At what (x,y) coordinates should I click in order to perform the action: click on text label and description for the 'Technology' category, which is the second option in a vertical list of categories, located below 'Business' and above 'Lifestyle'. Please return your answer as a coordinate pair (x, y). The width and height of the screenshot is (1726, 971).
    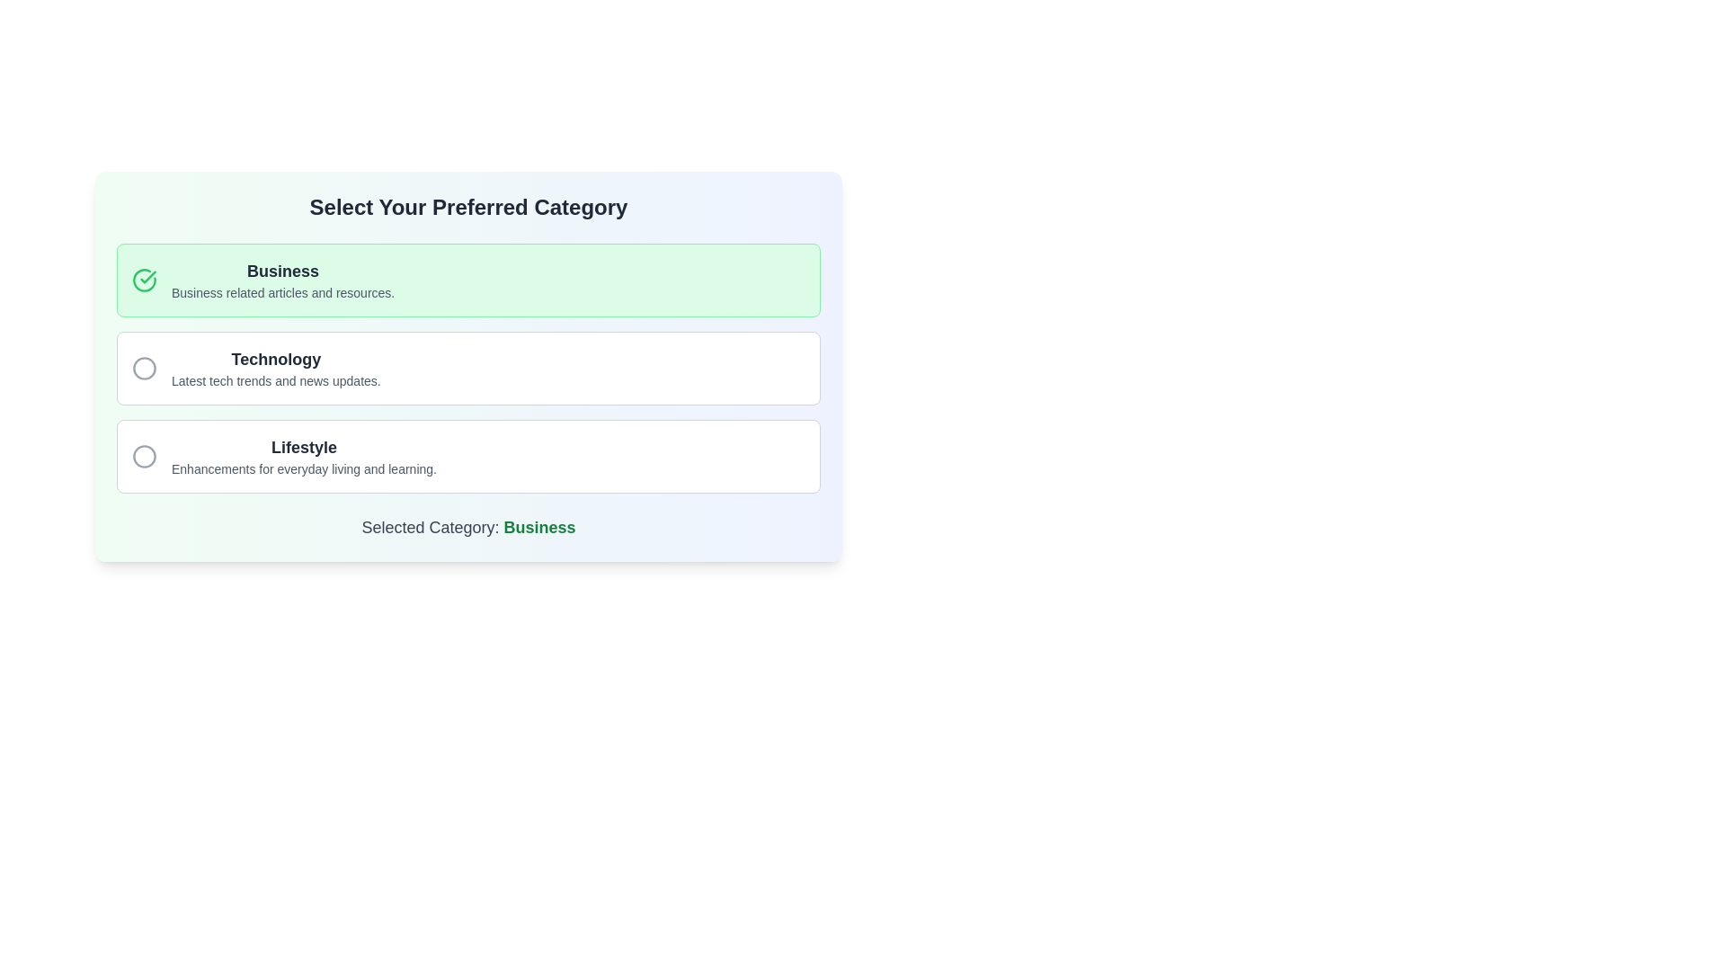
    Looking at the image, I should click on (275, 367).